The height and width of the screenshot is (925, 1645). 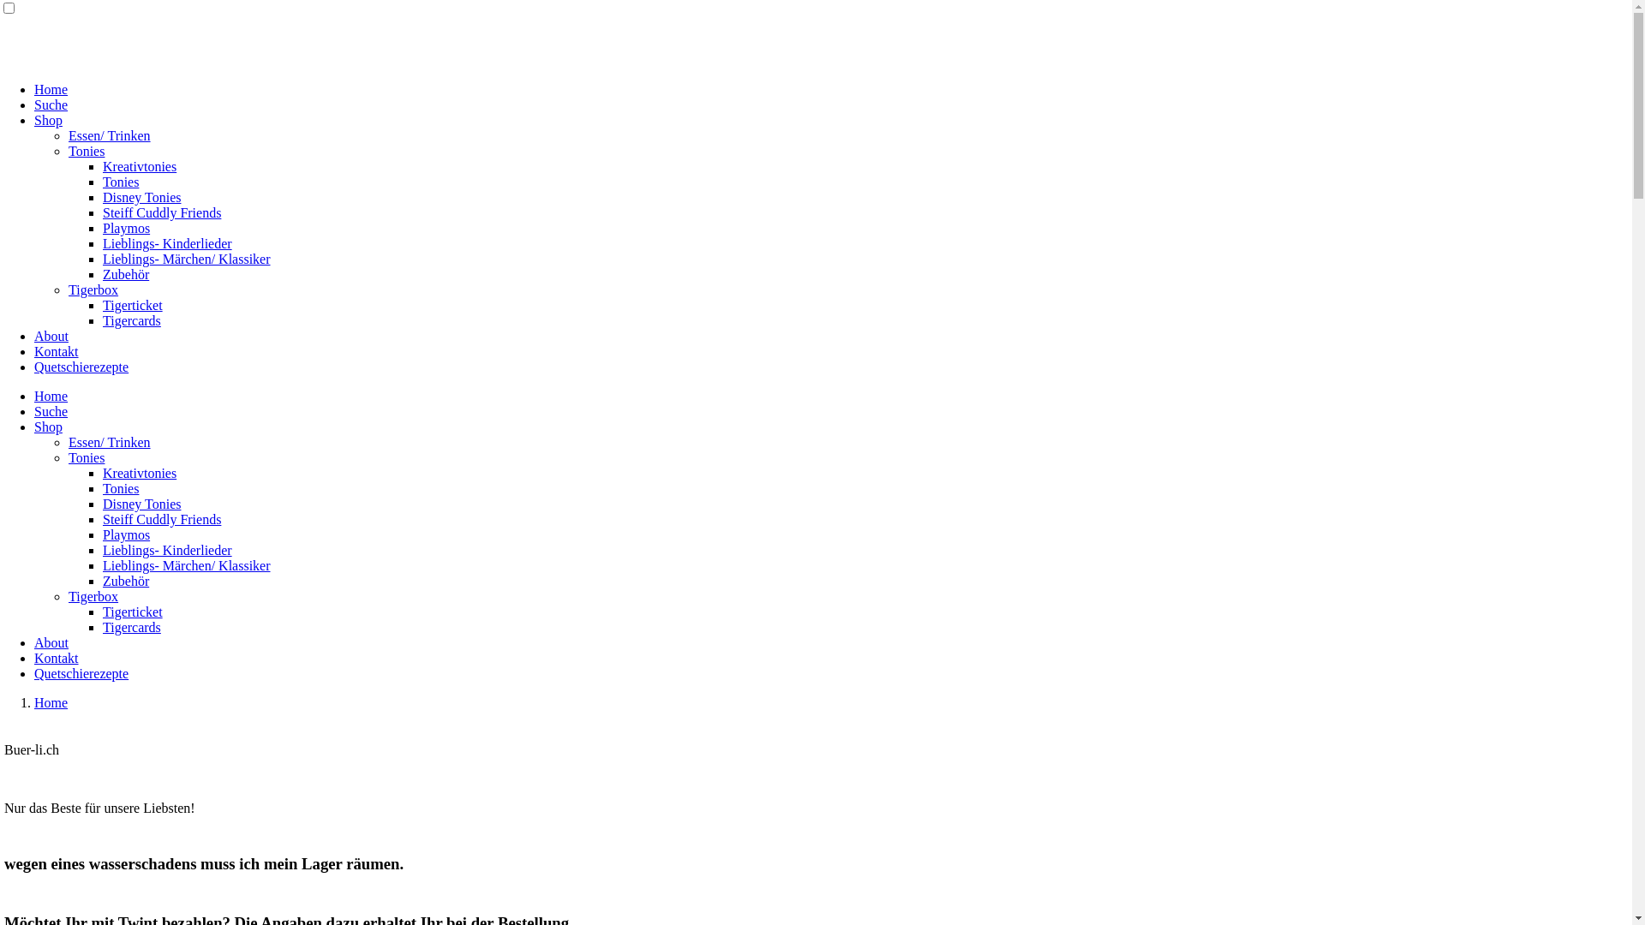 I want to click on 'Disney Tonies', so click(x=141, y=503).